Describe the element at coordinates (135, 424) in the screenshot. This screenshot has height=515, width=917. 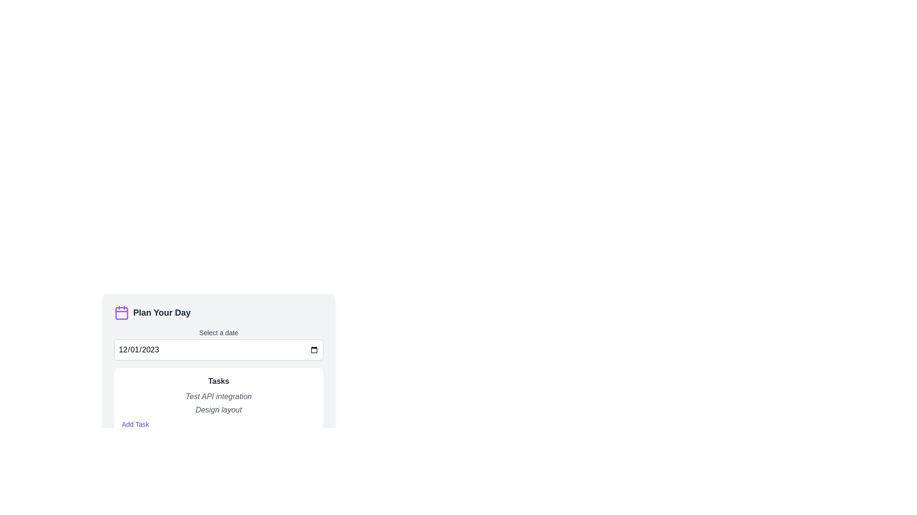
I see `the button located at the bottom of the 'Tasks' section` at that location.